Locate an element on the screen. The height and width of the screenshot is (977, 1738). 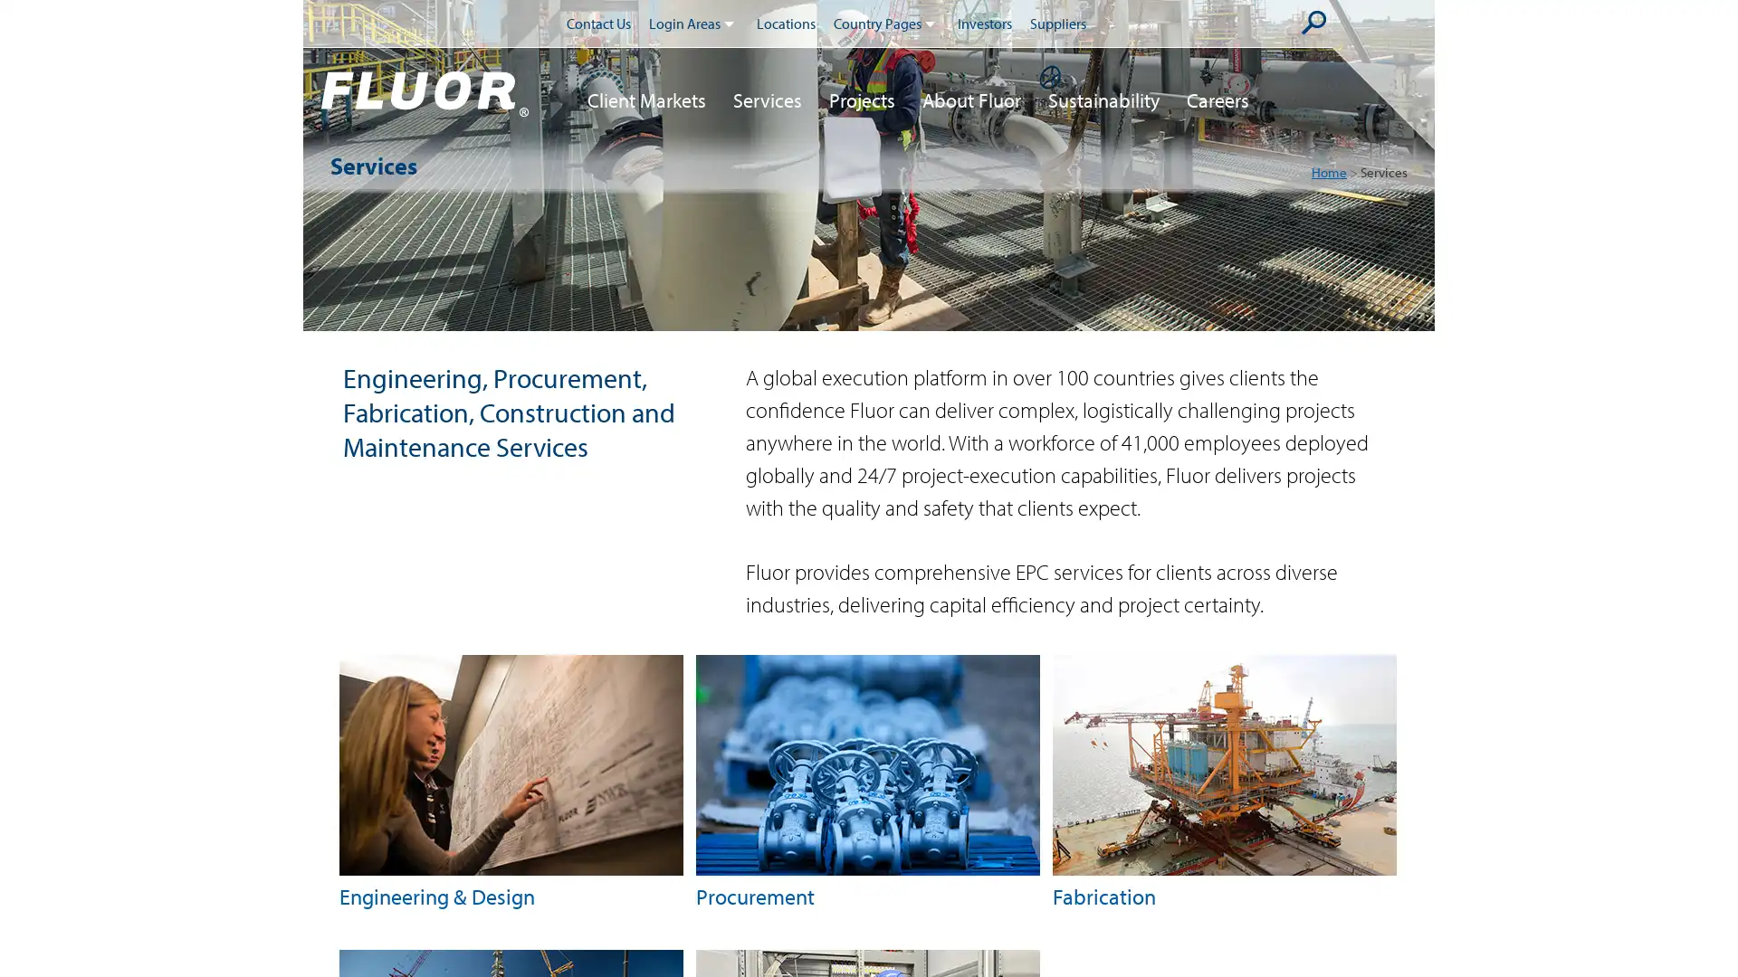
About Fluor is located at coordinates (970, 89).